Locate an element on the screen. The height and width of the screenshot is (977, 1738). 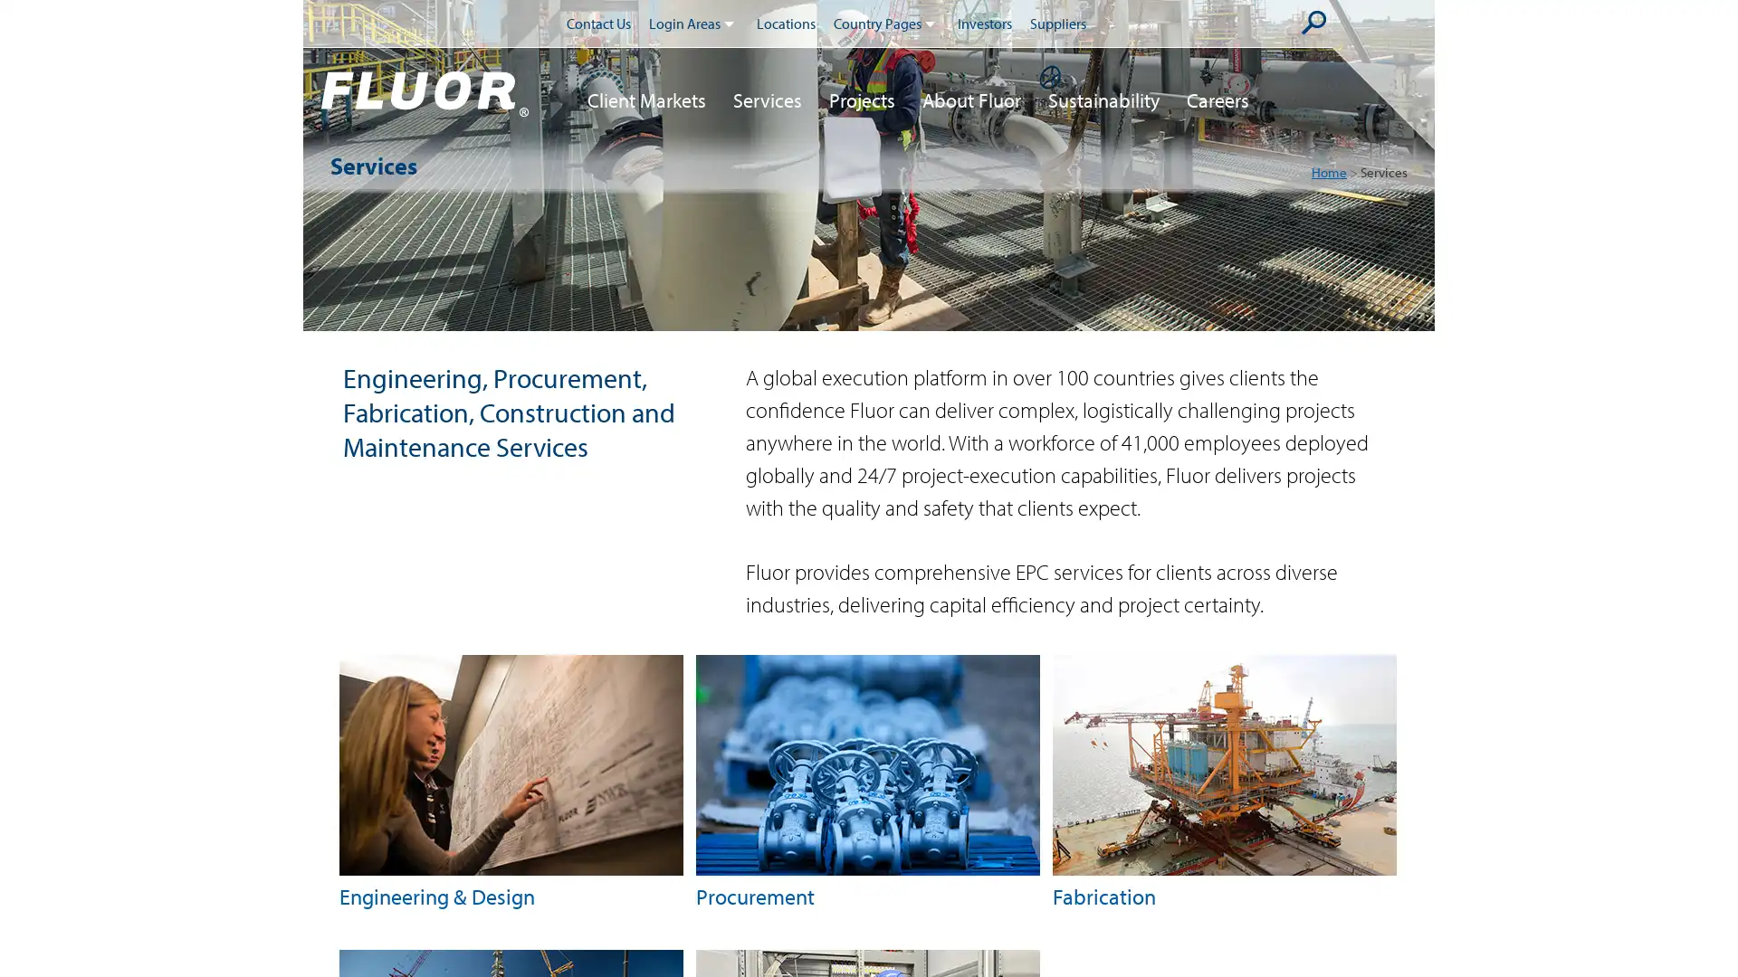
About Fluor is located at coordinates (970, 89).